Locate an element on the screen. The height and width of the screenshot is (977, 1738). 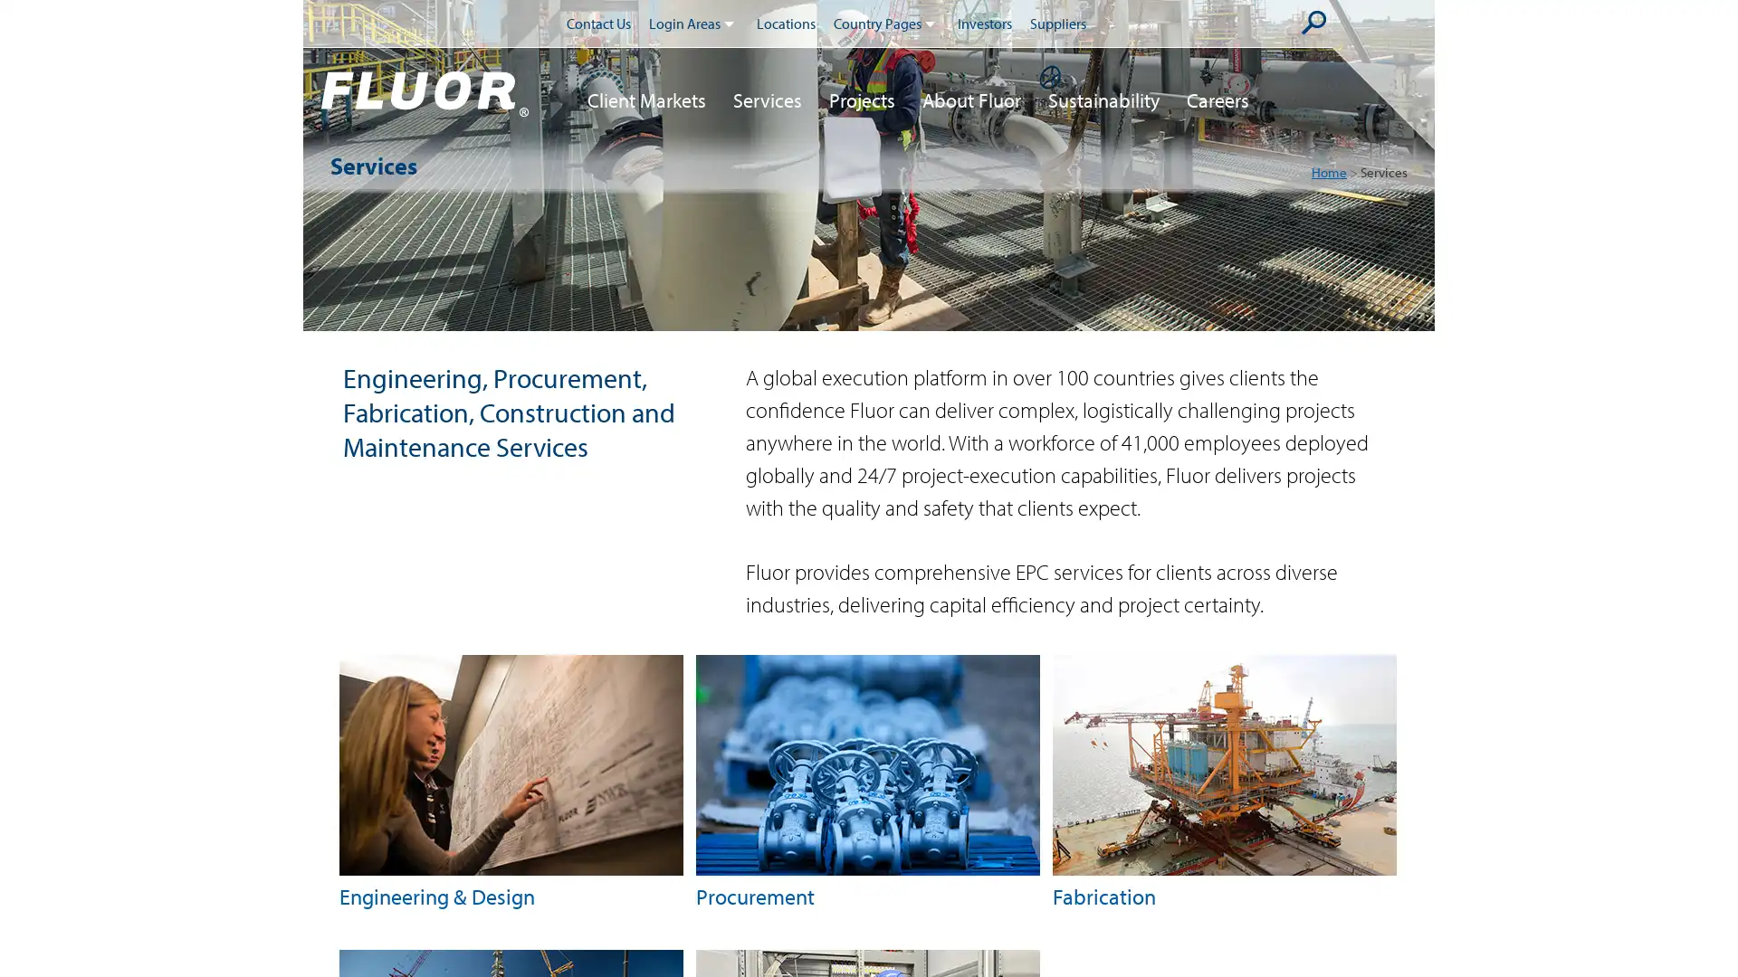
About Fluor is located at coordinates (970, 89).